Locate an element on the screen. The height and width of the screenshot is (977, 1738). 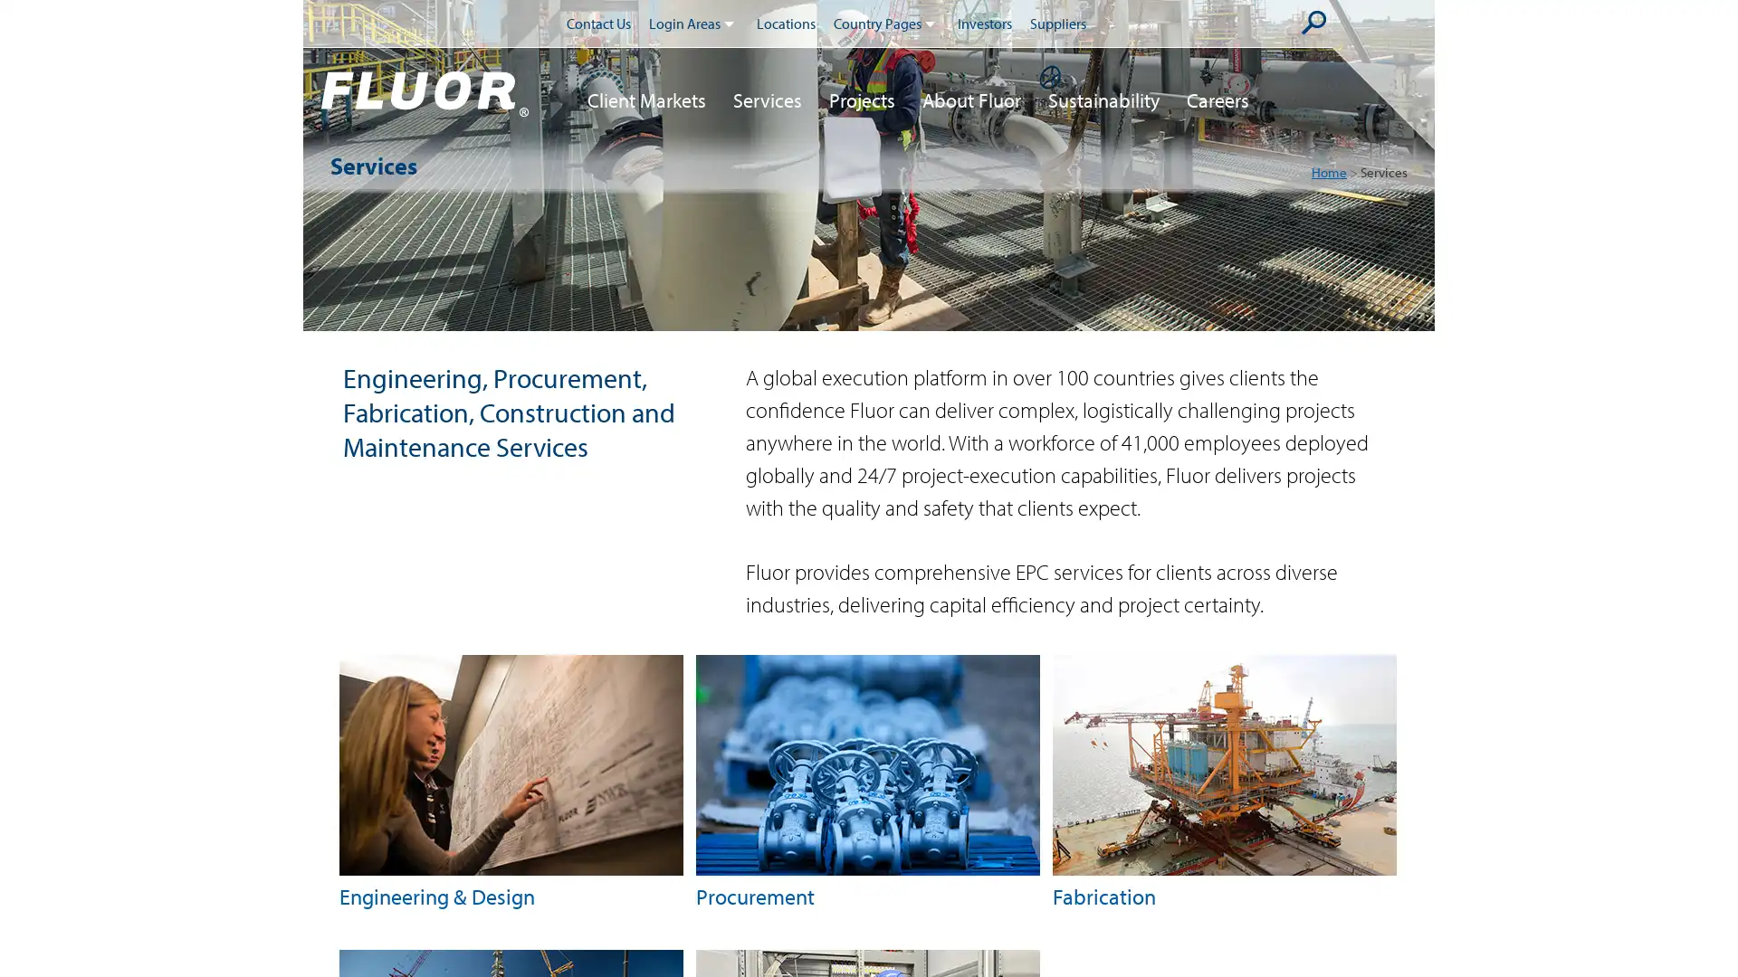
About Fluor is located at coordinates (970, 89).